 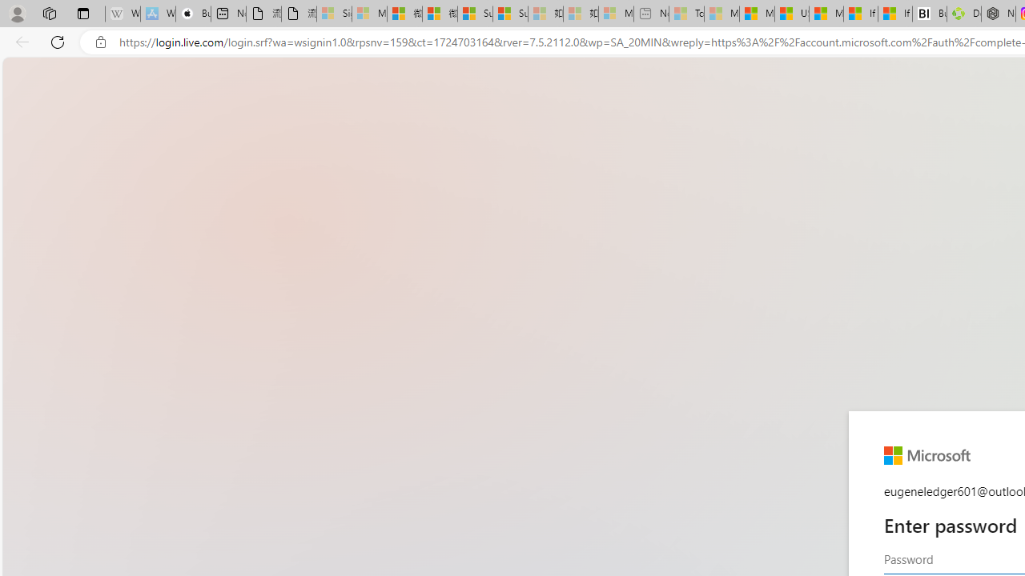 What do you see at coordinates (333, 14) in the screenshot?
I see `'Sign in to your Microsoft account - Sleeping'` at bounding box center [333, 14].